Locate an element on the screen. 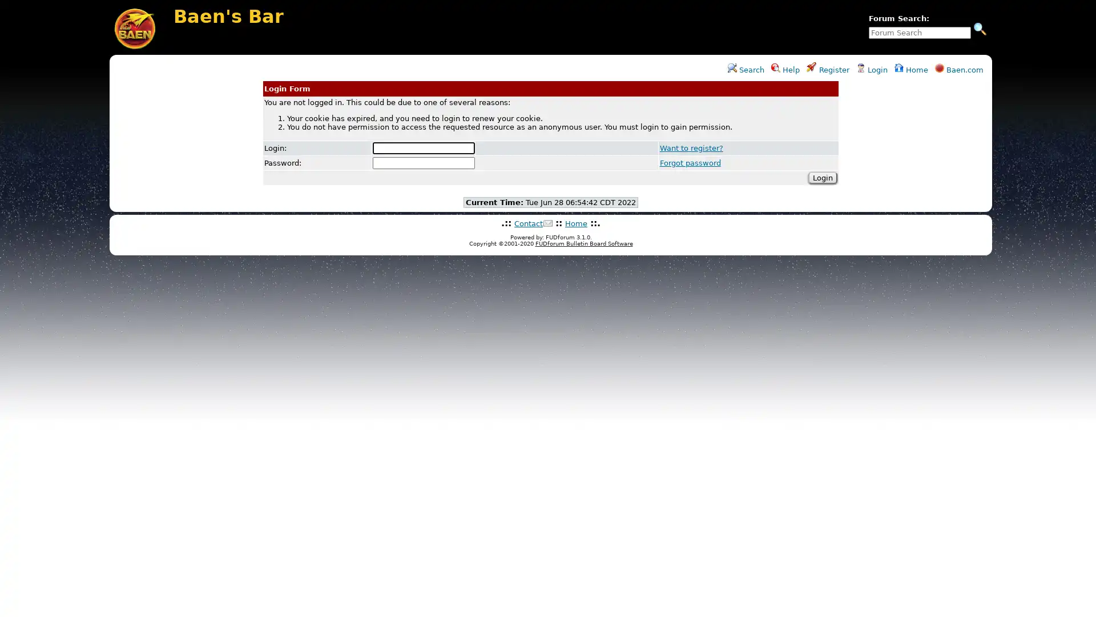 This screenshot has height=617, width=1096. Search is located at coordinates (980, 28).